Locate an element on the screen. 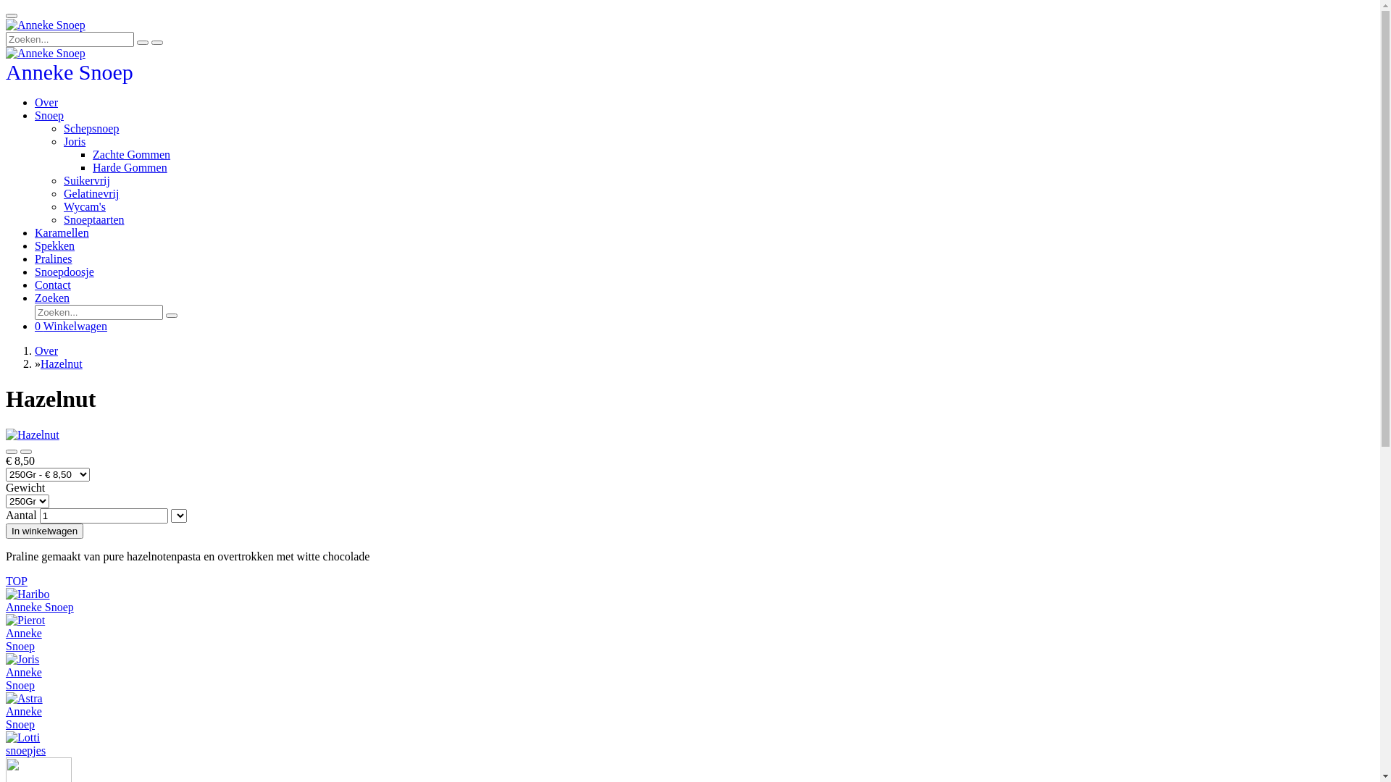 The image size is (1391, 782). 'Snoepdoosje' is located at coordinates (64, 272).